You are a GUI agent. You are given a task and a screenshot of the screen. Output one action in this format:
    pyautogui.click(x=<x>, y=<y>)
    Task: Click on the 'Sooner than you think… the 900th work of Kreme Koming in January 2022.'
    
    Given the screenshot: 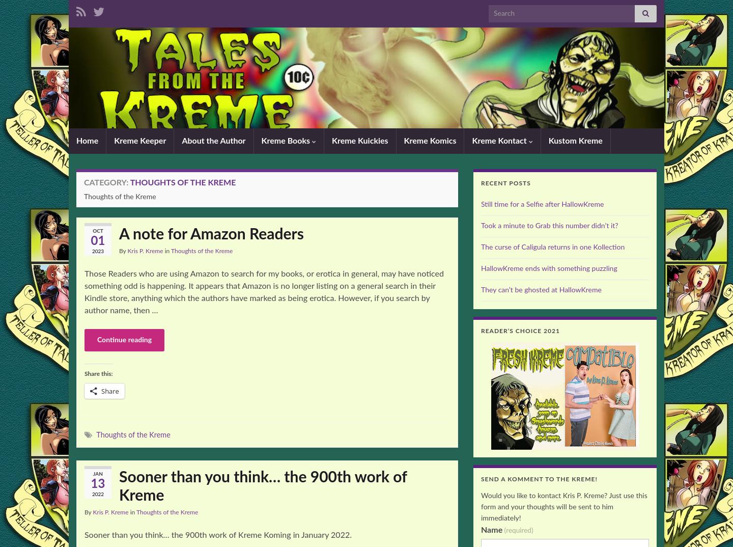 What is the action you would take?
    pyautogui.click(x=217, y=535)
    